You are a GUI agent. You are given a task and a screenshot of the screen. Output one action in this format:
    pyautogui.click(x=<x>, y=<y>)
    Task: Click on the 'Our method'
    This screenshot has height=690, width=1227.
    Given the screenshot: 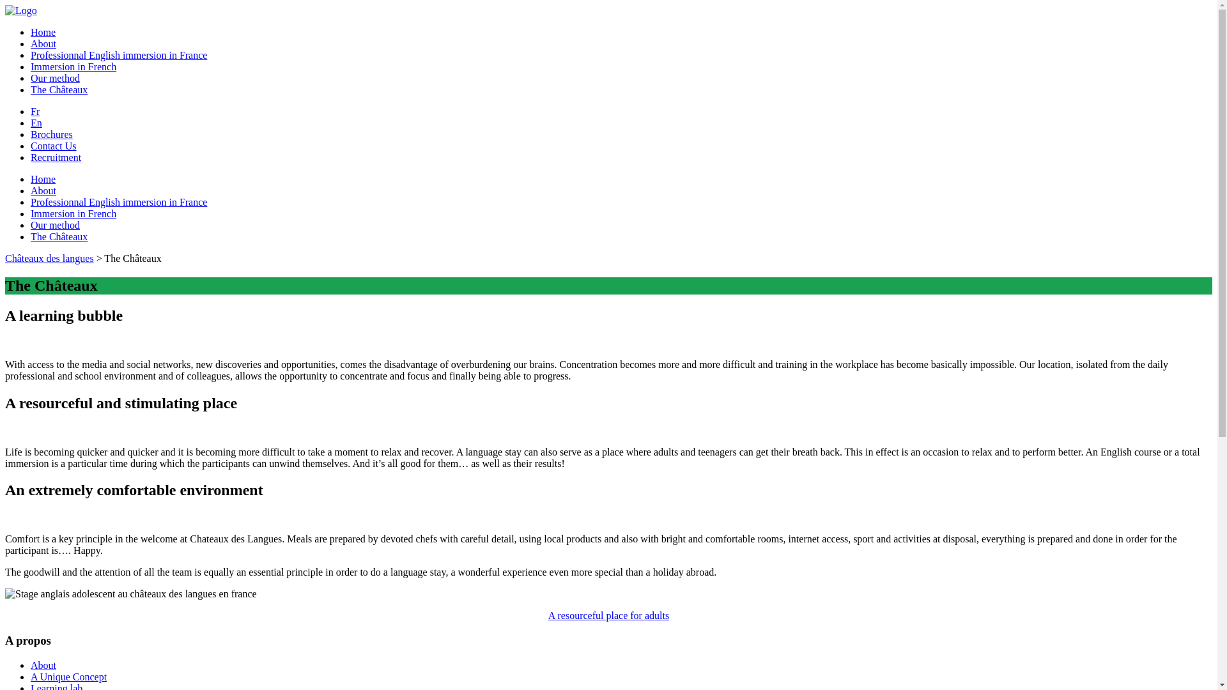 What is the action you would take?
    pyautogui.click(x=54, y=224)
    